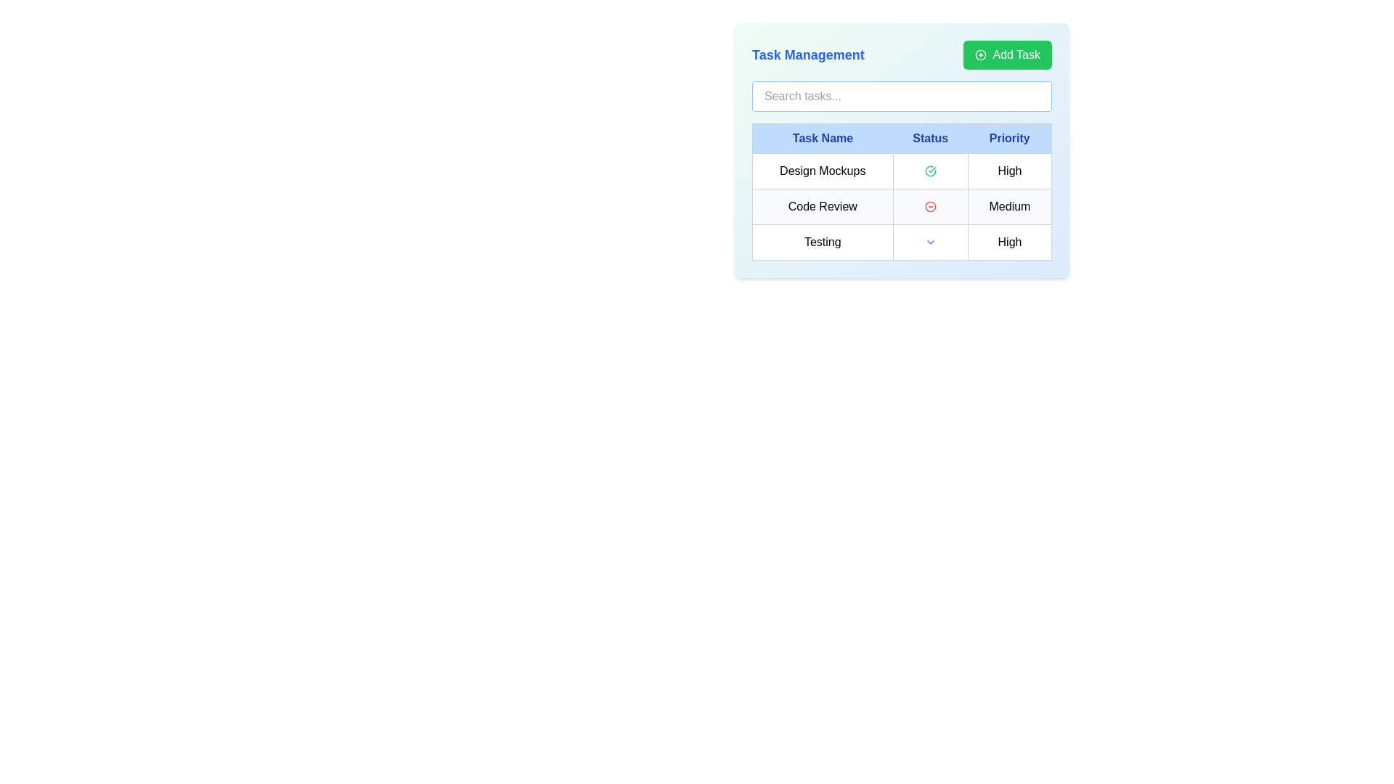 The image size is (1394, 784). What do you see at coordinates (823, 207) in the screenshot?
I see `the non-interactive table cell displaying the task name 'Code Review' located in the second row under the 'Task Name' column` at bounding box center [823, 207].